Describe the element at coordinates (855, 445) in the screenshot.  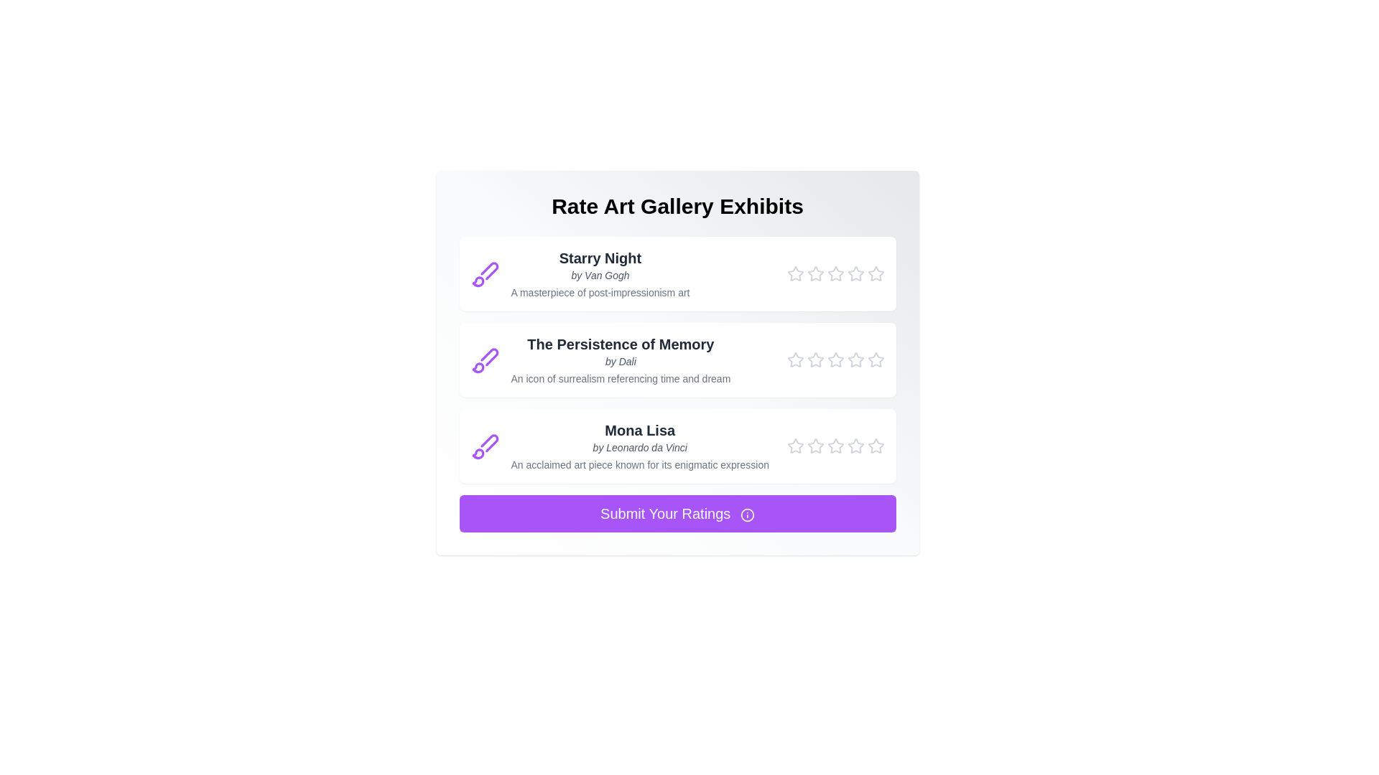
I see `the star corresponding to 4 for the painting titled Mona Lisa to set its rating` at that location.